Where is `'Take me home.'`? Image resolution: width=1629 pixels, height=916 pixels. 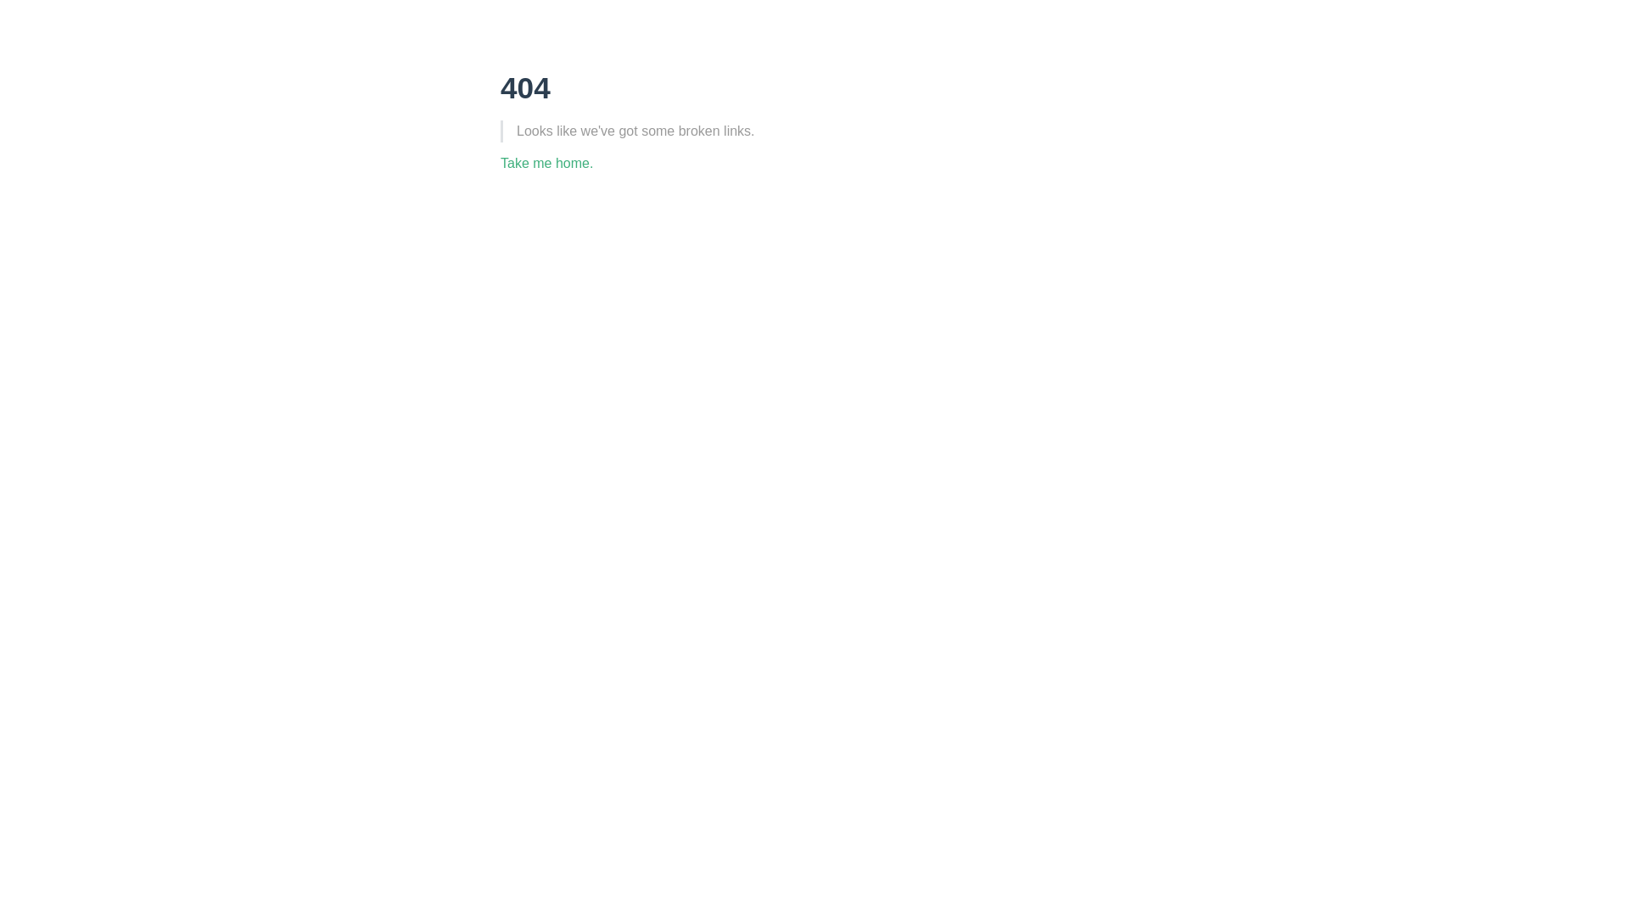
'Take me home.' is located at coordinates (500, 163).